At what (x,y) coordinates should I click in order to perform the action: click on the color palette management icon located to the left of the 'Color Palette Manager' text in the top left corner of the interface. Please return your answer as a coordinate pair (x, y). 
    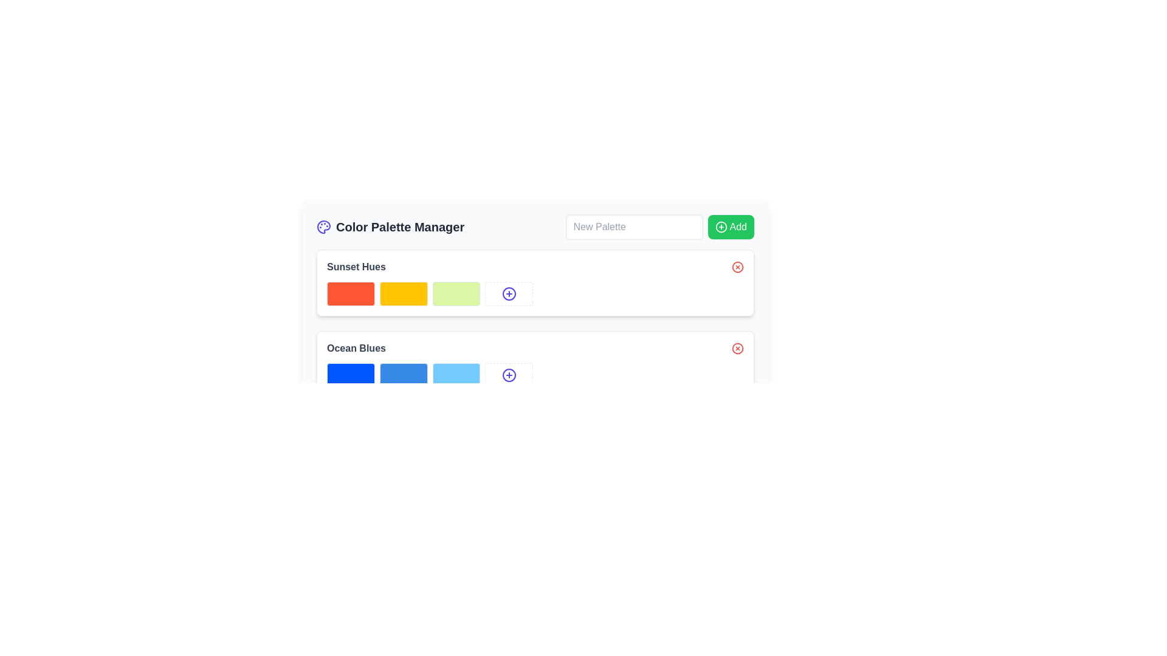
    Looking at the image, I should click on (323, 227).